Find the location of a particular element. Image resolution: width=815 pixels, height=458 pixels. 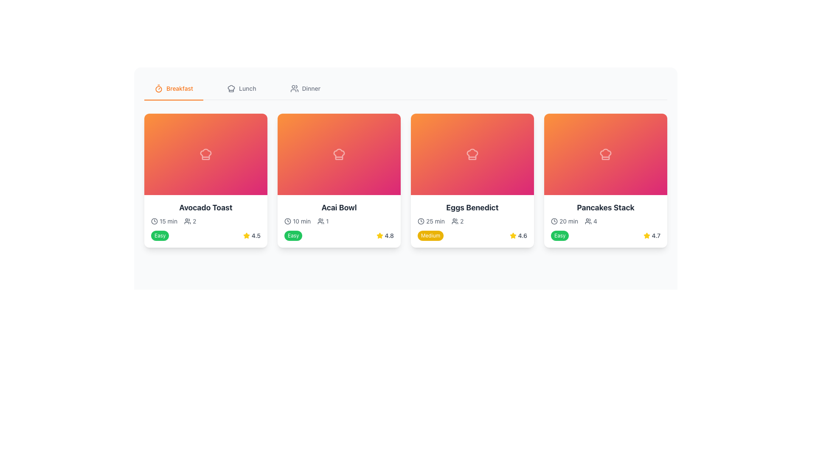

the decorative chef's hat icon located at the top-center of the fourth recipe card, which is rendered with smooth outlines and a white color blending into an orange-pink gradient background is located at coordinates (605, 154).